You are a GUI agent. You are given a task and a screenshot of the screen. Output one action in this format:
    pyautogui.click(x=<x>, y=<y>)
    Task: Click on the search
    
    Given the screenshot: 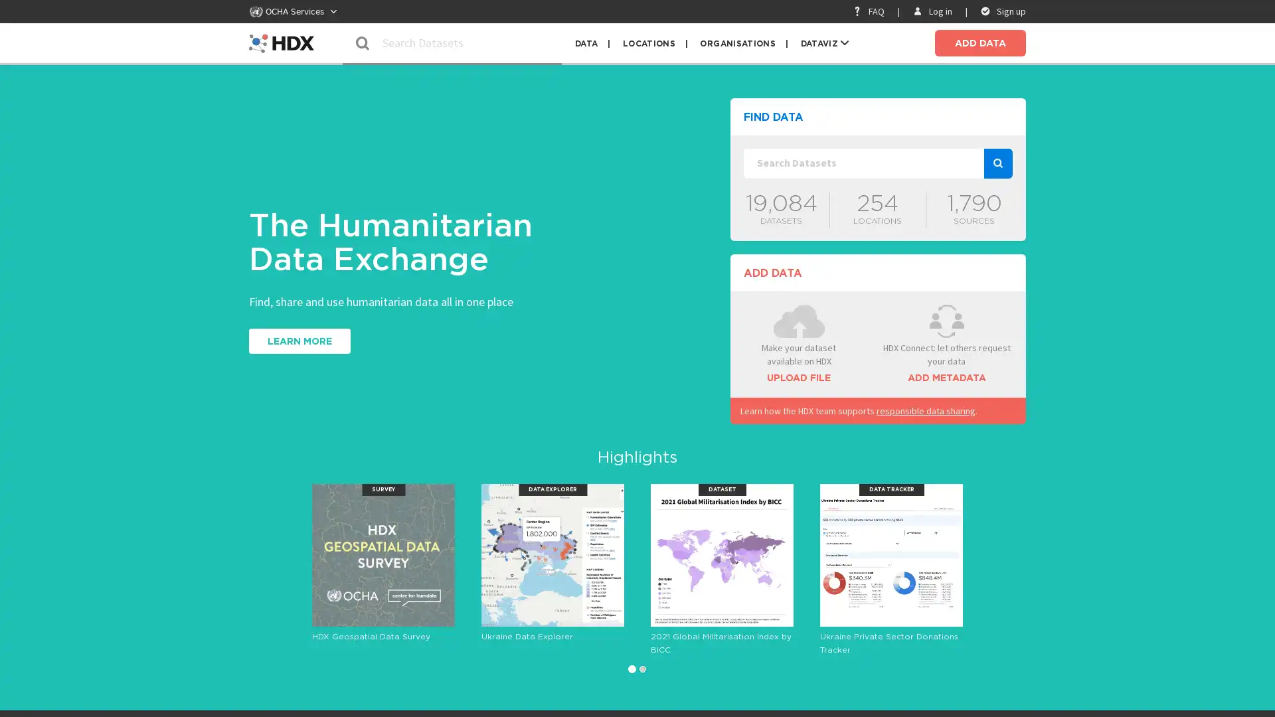 What is the action you would take?
    pyautogui.click(x=997, y=163)
    